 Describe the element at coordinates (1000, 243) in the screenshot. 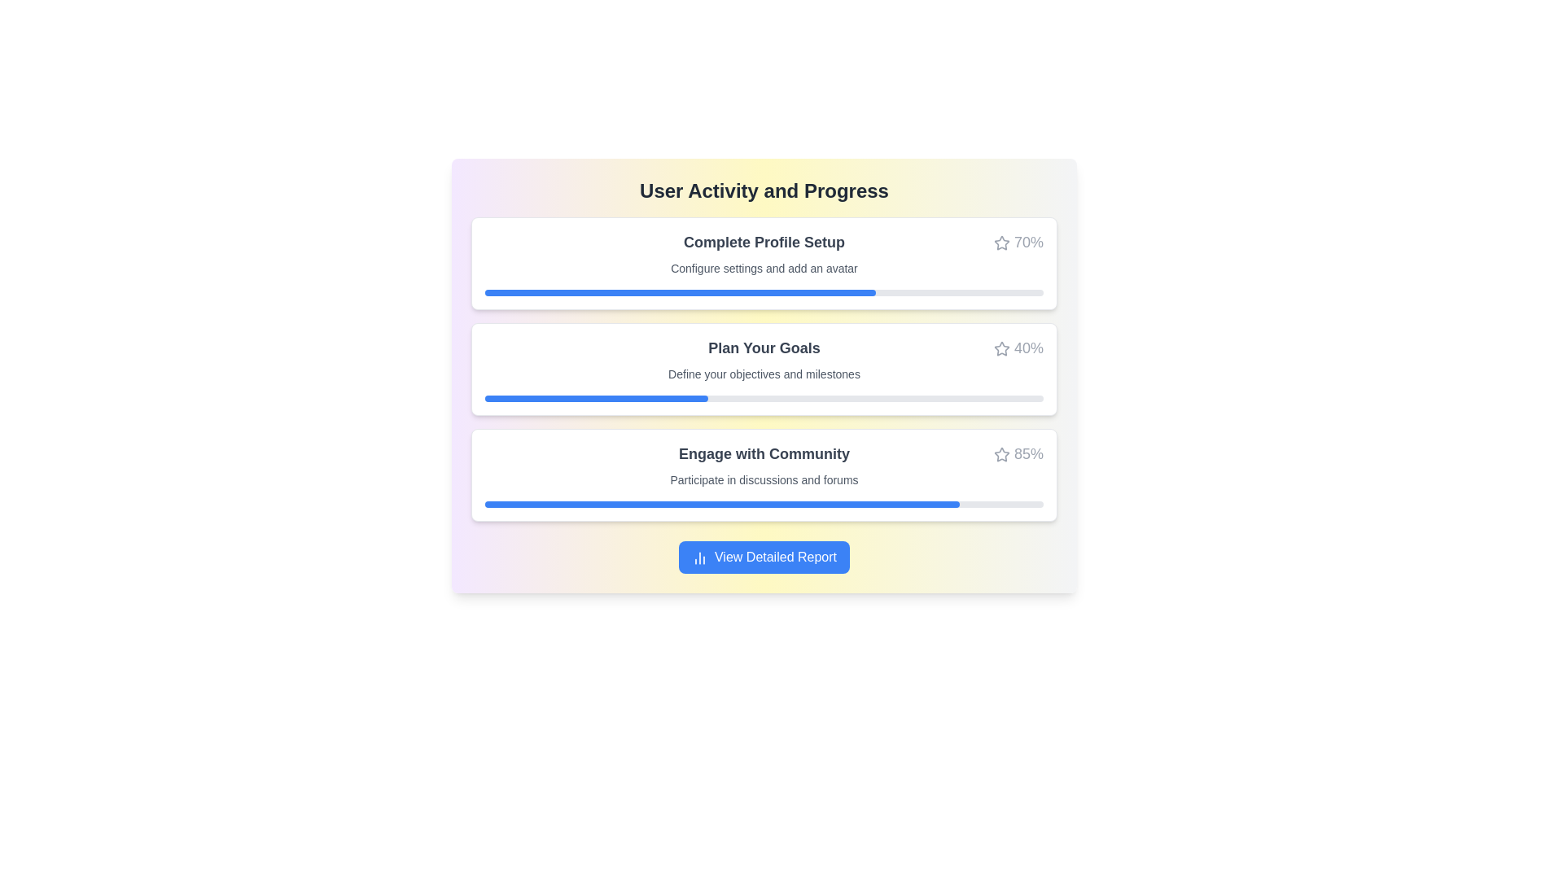

I see `the star-shaped icon outlined in gray next to the '70%' text label on the 'Complete Profile Setup' card` at that location.